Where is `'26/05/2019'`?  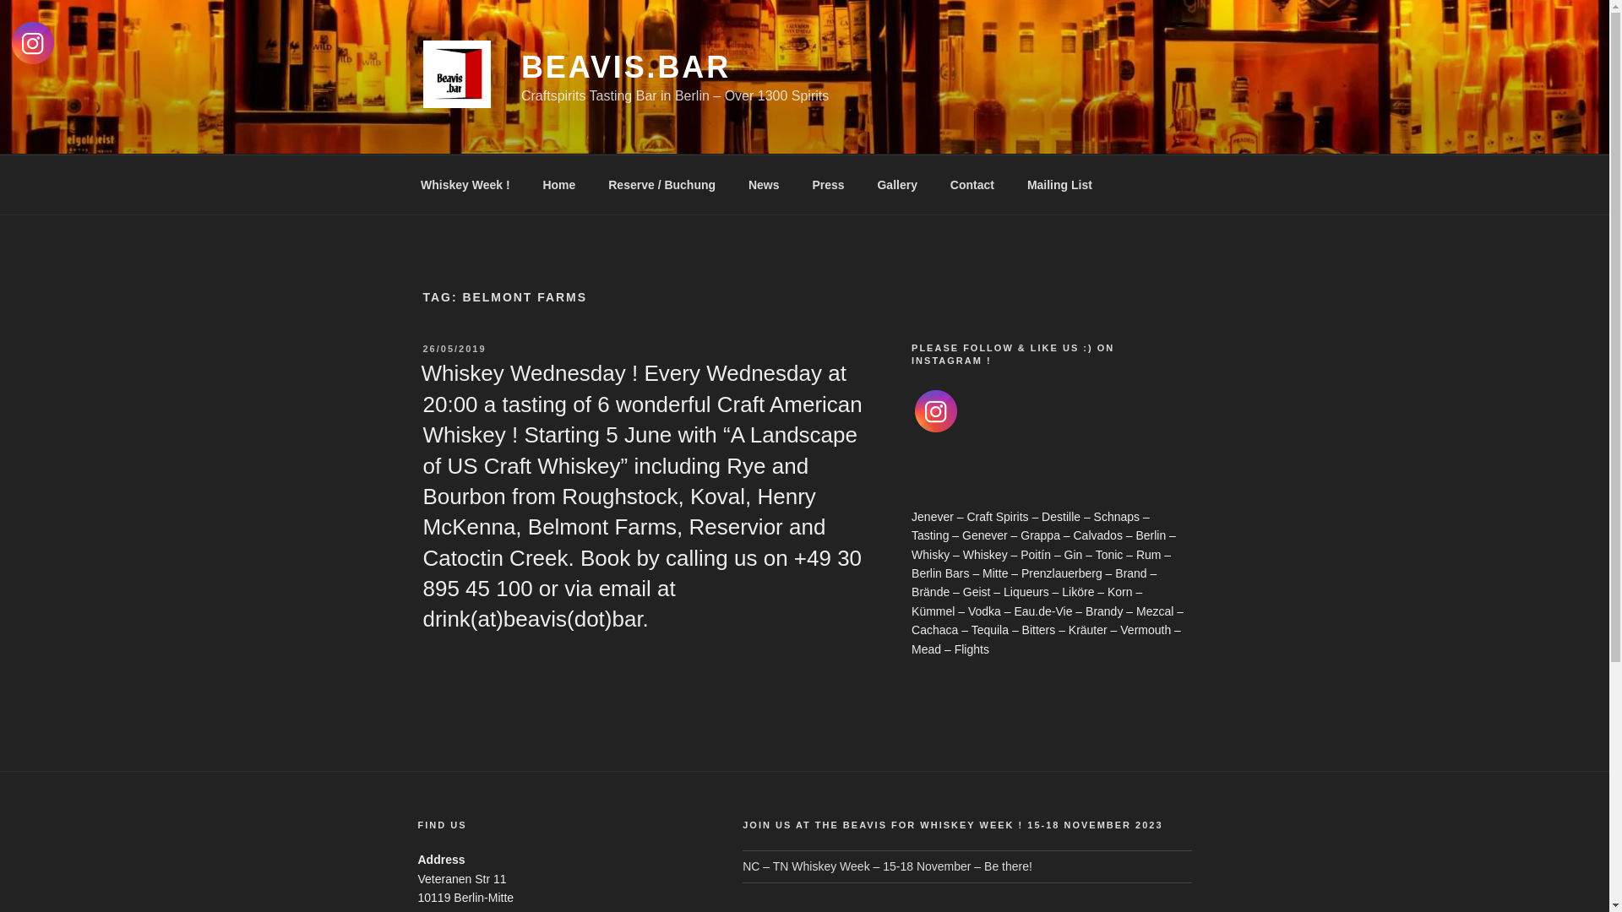 '26/05/2019' is located at coordinates (454, 347).